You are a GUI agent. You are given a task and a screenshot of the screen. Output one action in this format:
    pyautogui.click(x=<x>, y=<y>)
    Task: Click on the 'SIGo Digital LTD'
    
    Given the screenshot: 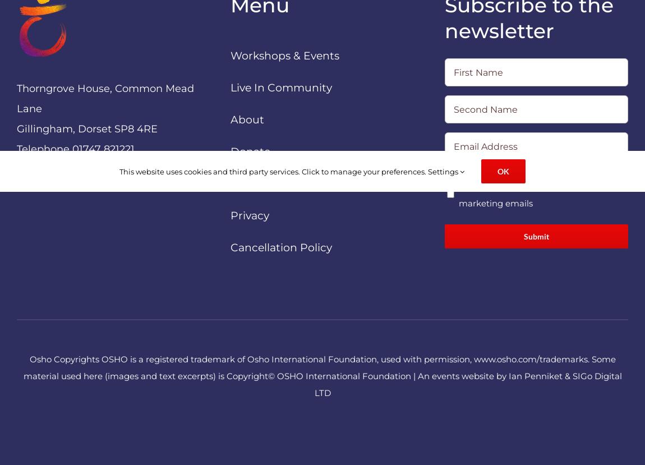 What is the action you would take?
    pyautogui.click(x=467, y=384)
    